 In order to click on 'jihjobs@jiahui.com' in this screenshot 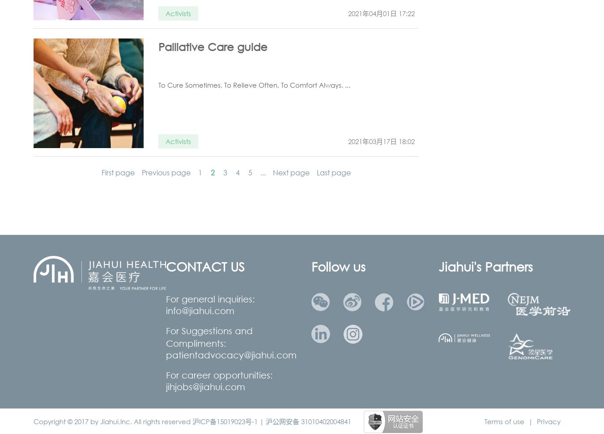, I will do `click(205, 386)`.